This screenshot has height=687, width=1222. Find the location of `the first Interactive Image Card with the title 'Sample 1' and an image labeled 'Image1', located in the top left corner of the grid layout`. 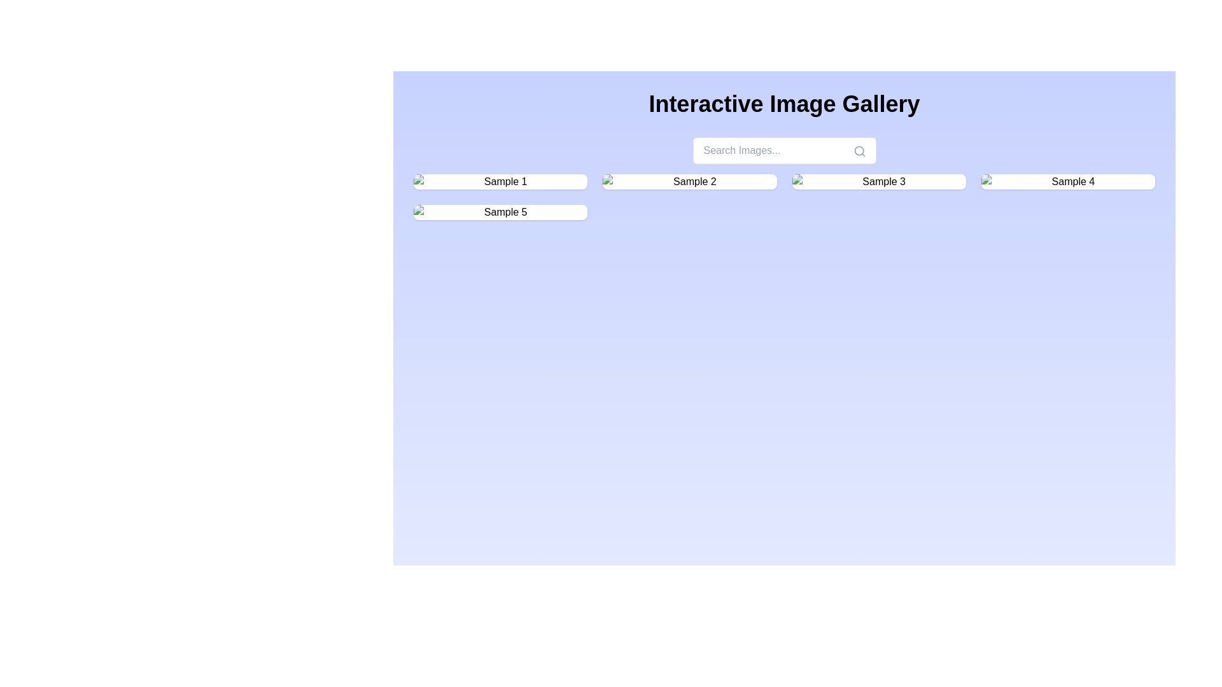

the first Interactive Image Card with the title 'Sample 1' and an image labeled 'Image1', located in the top left corner of the grid layout is located at coordinates (500, 181).